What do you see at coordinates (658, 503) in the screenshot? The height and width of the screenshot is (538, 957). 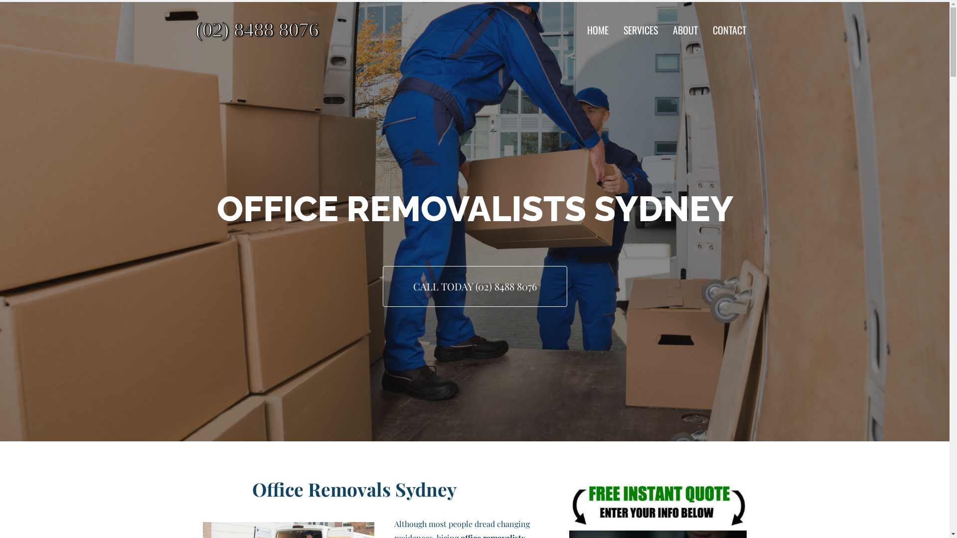 I see `'free quo'` at bounding box center [658, 503].